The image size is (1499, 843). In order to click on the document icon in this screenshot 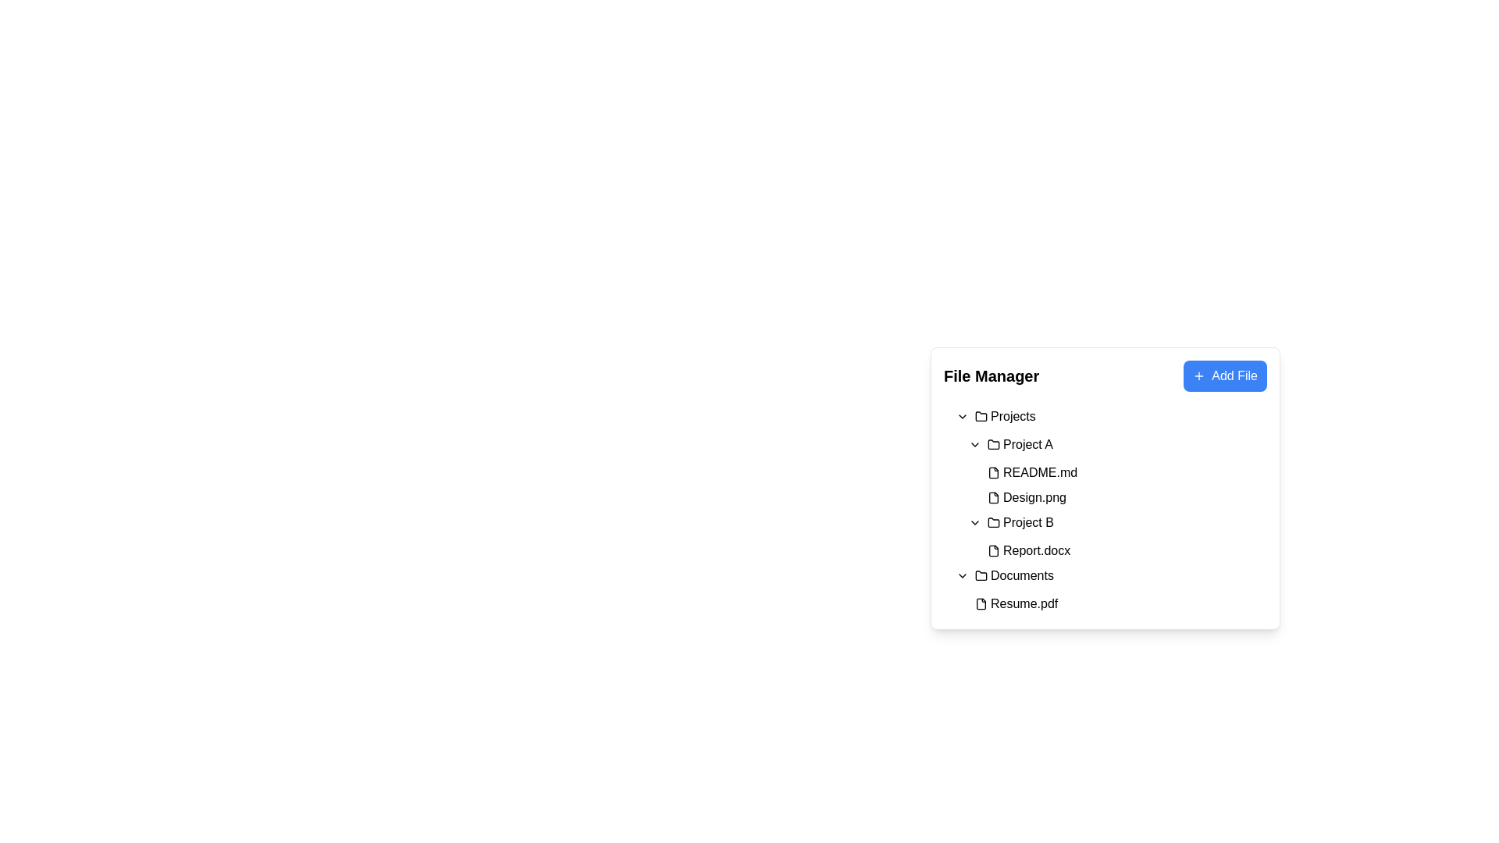, I will do `click(981, 603)`.